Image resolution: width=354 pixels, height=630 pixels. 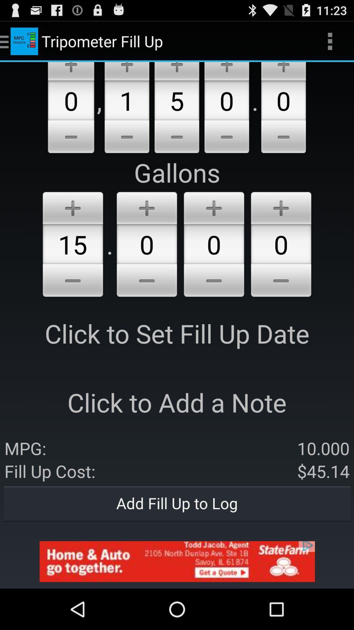 I want to click on time setting, so click(x=281, y=206).